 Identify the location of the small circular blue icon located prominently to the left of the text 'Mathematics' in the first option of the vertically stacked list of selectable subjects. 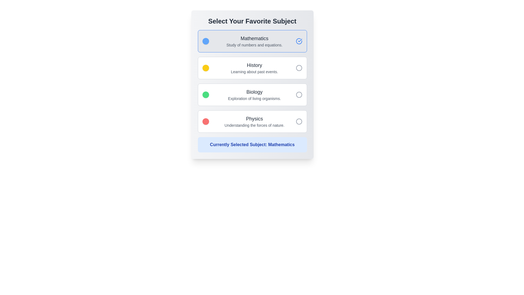
(205, 41).